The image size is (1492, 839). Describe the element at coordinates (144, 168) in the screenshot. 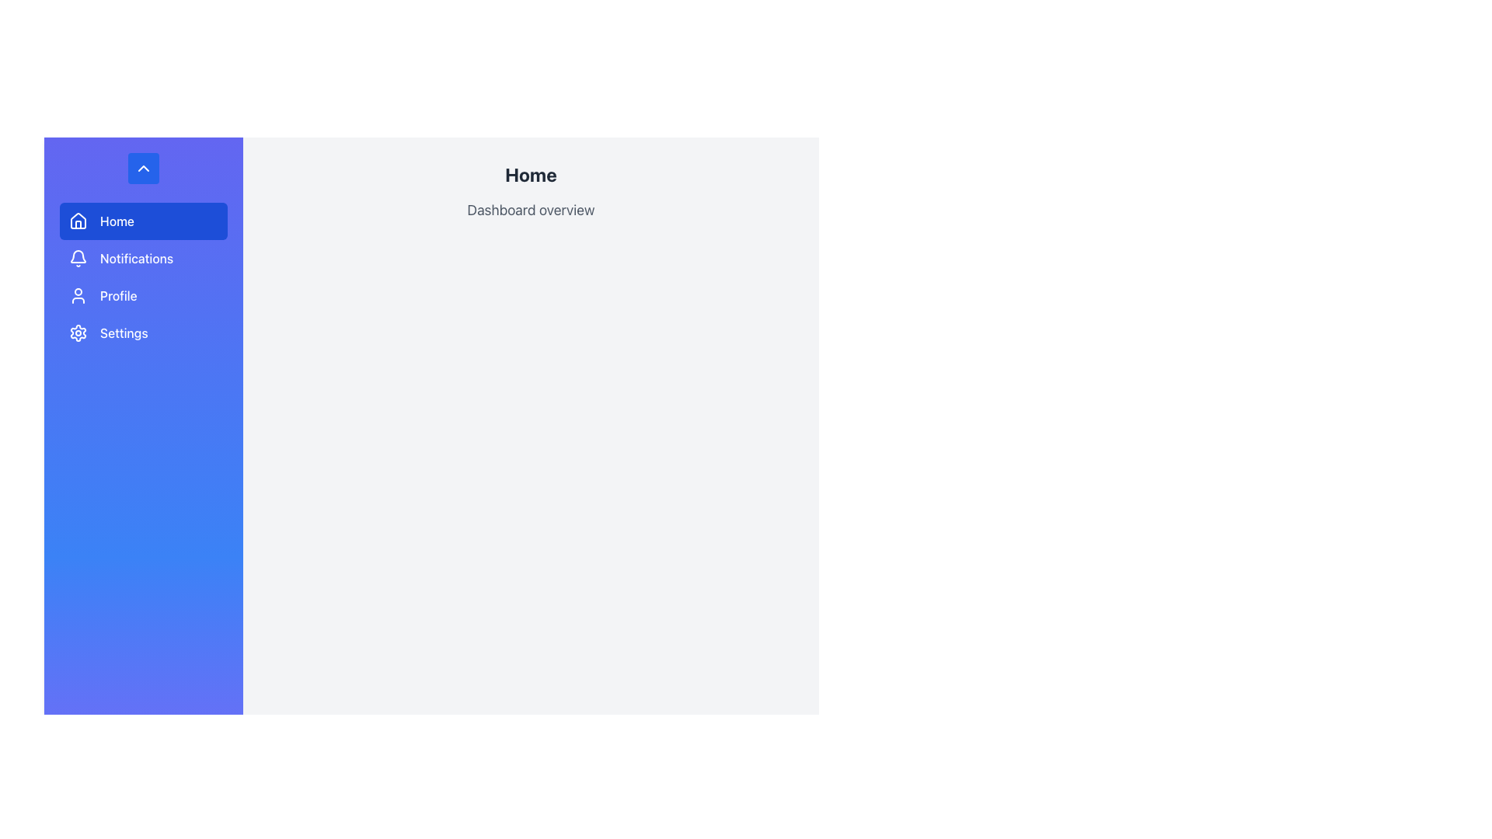

I see `the small square button with a blue background and upward-facing chevron icon` at that location.